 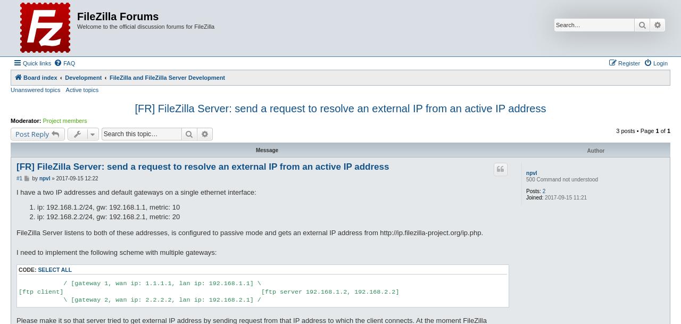 I want to click on '2017-09-15 12:22', so click(x=76, y=177).